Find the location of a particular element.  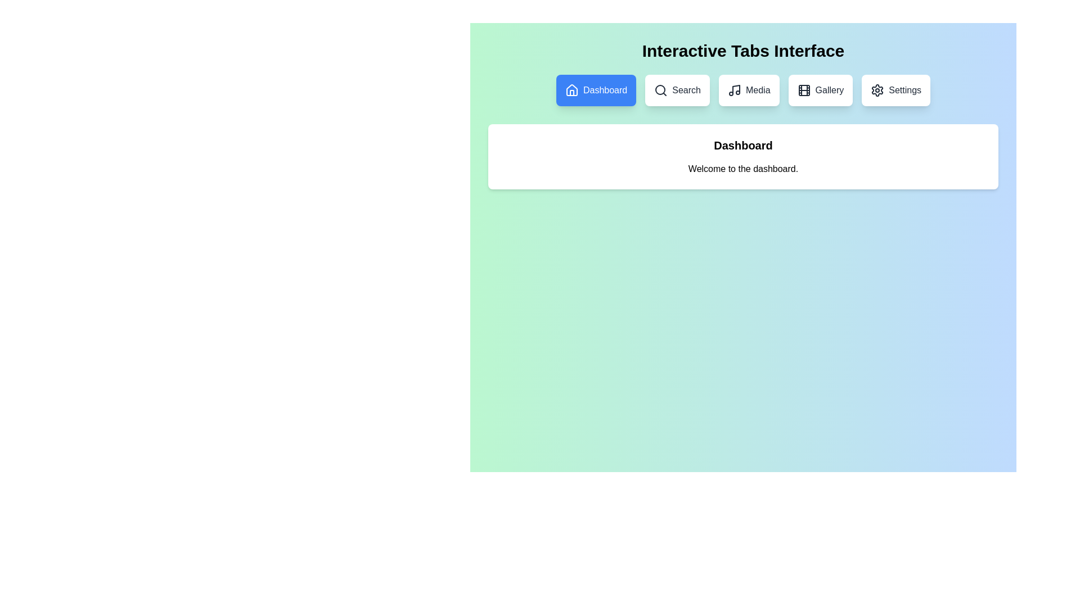

the rectangular button labeled 'Gallery', which has a white background, a film strip icon, and is located in the top-right area of the main content is located at coordinates (820, 90).